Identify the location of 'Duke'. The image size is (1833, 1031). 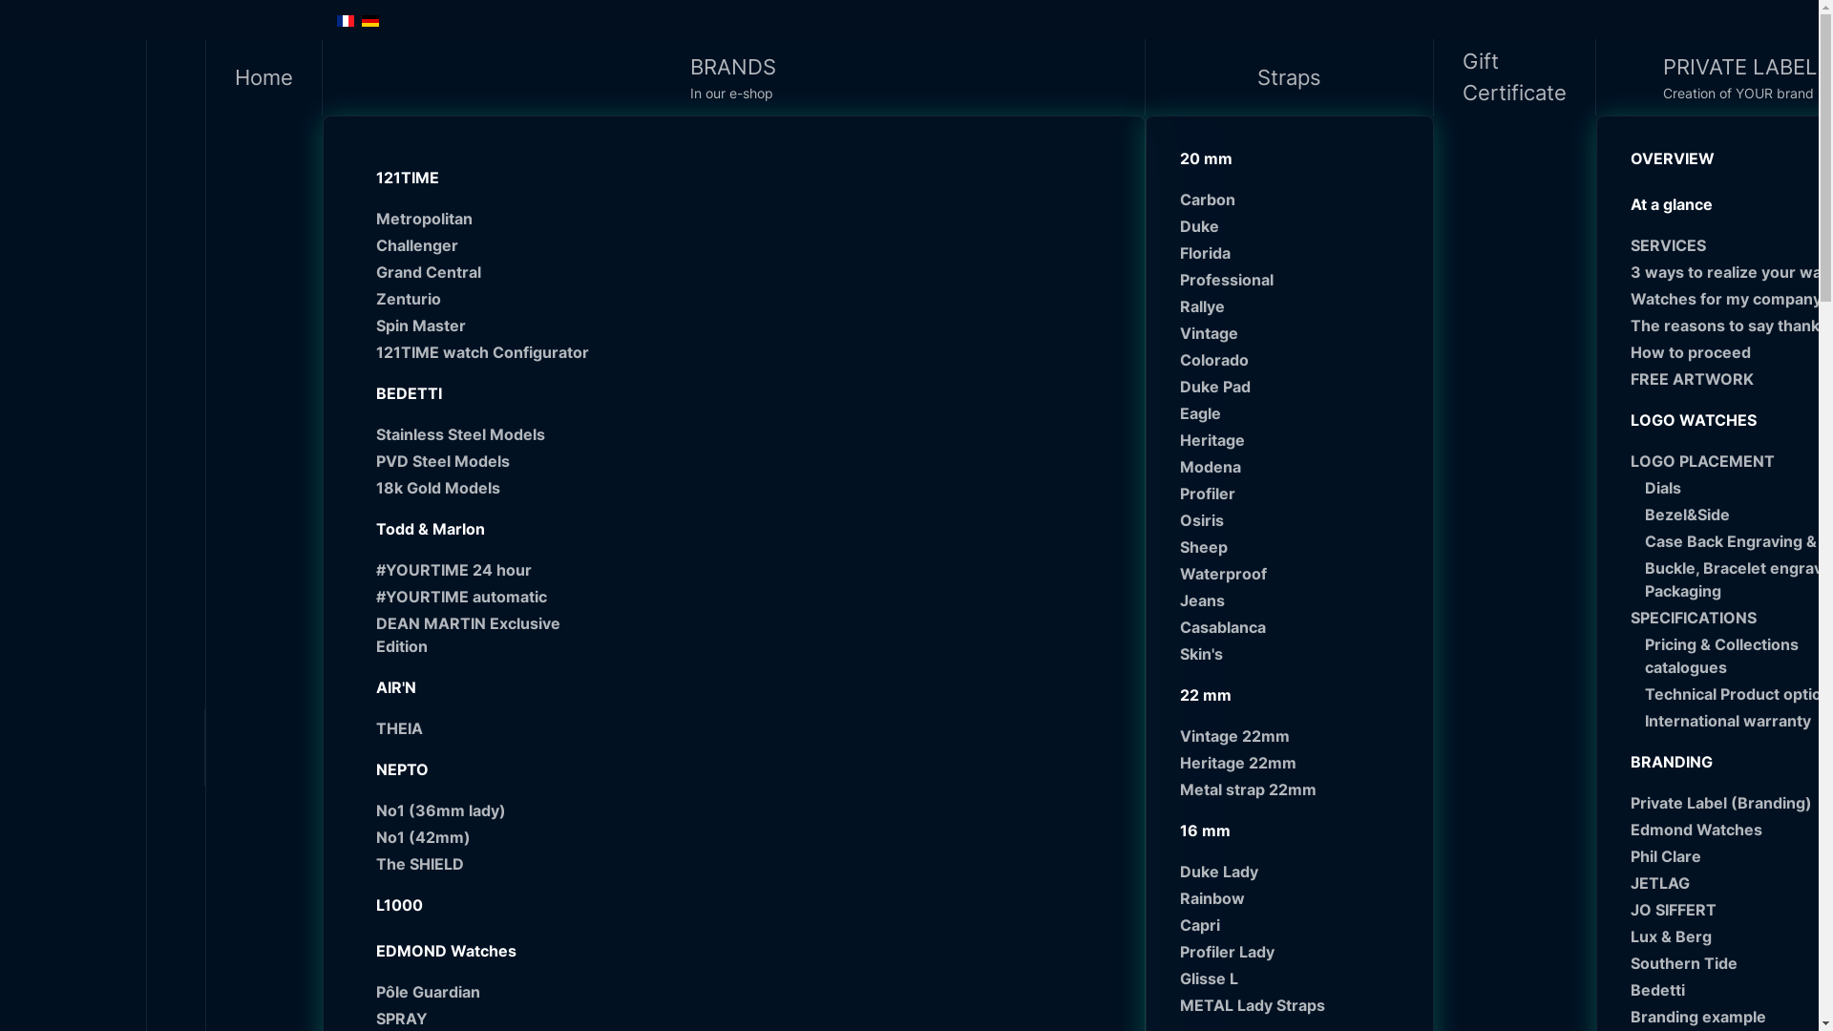
(1296, 224).